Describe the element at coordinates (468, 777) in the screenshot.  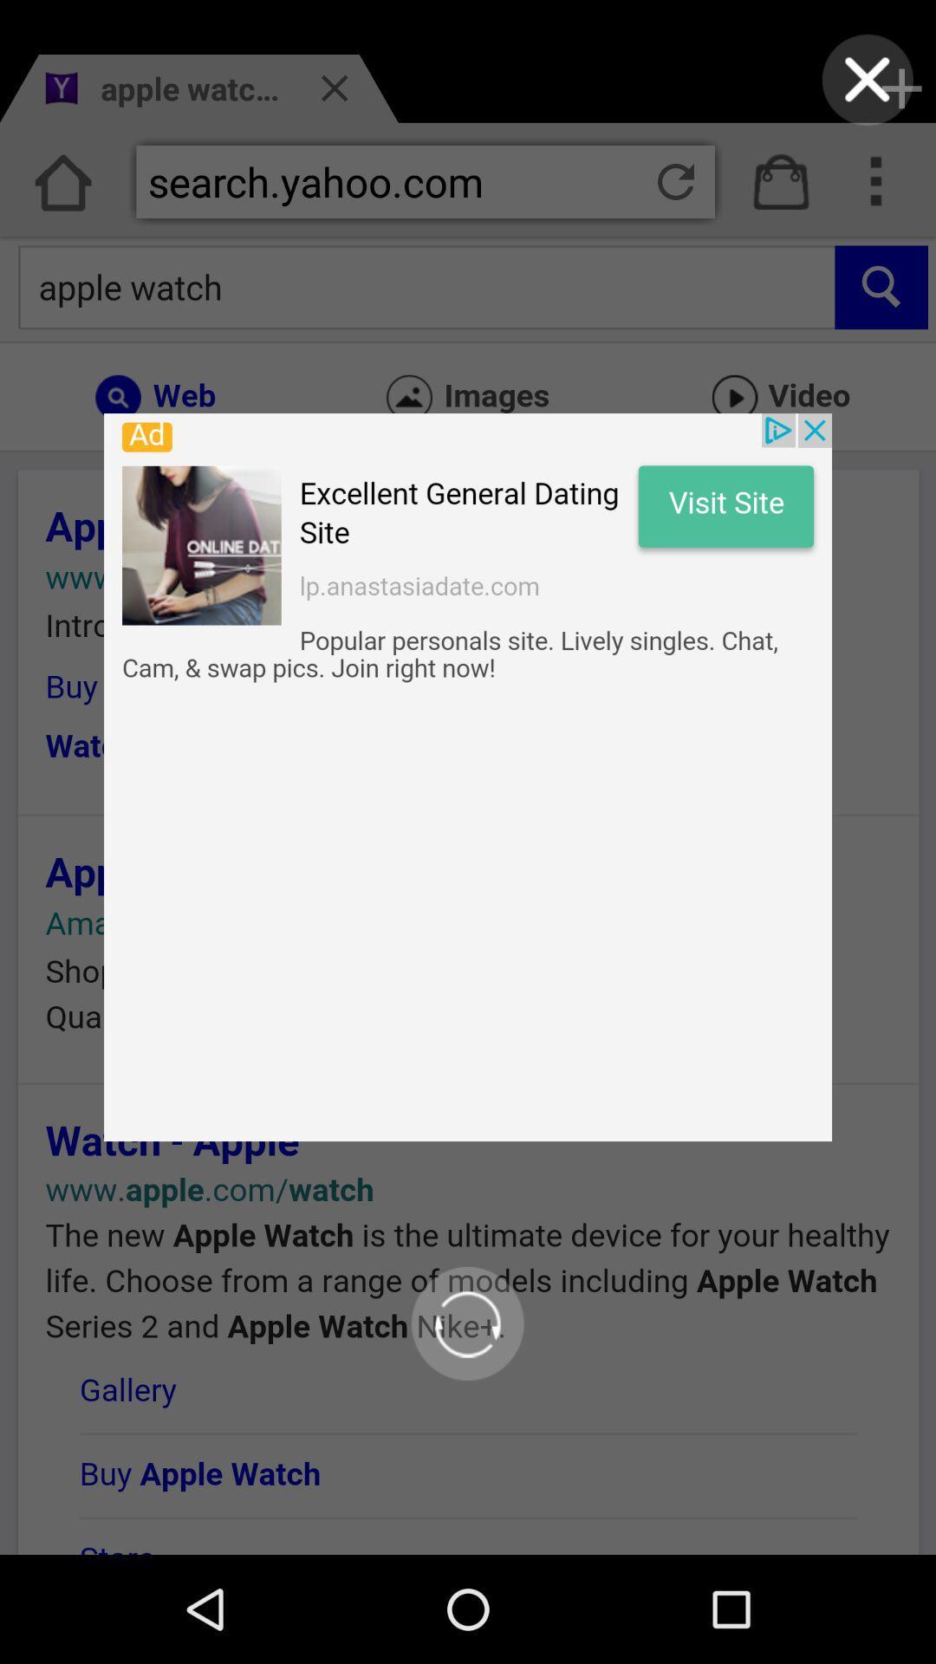
I see `google page` at that location.